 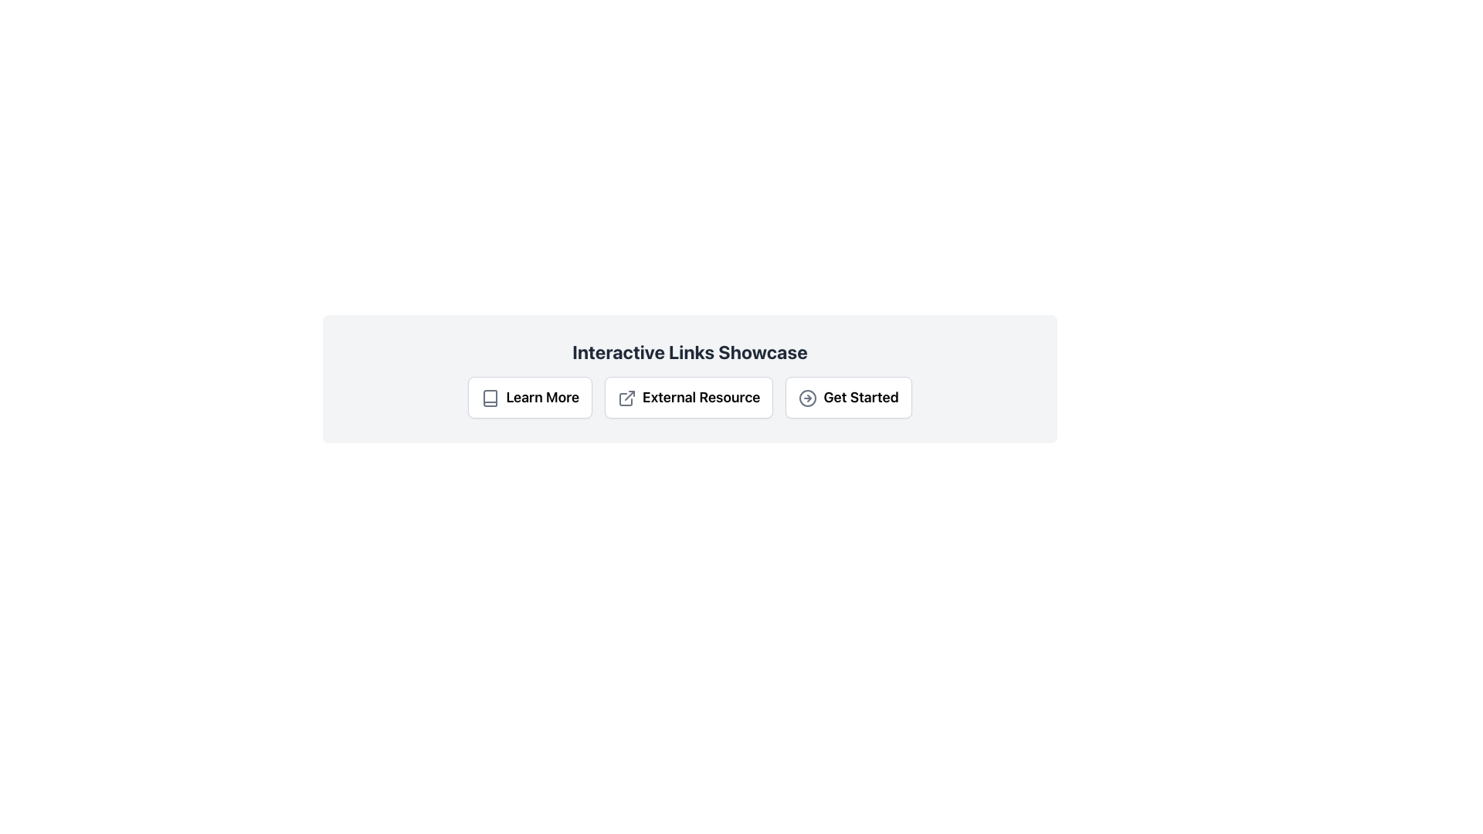 I want to click on the bold header reading 'Interactive Links Showcase' which is prominently displayed at the top of its group, above the buttons labeled 'Learn More', 'External Resource', and 'Get Started', so click(x=689, y=351).